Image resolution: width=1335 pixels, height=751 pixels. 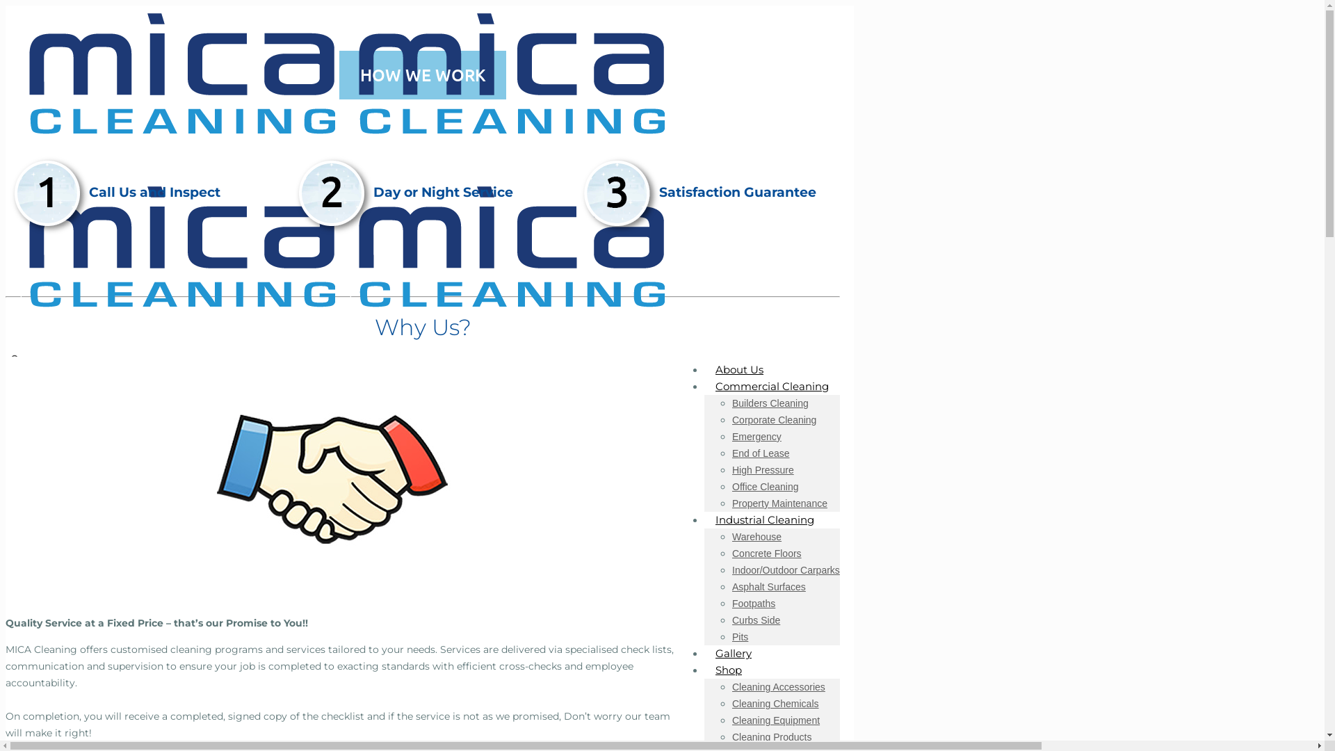 What do you see at coordinates (764, 485) in the screenshot?
I see `'Office Cleaning'` at bounding box center [764, 485].